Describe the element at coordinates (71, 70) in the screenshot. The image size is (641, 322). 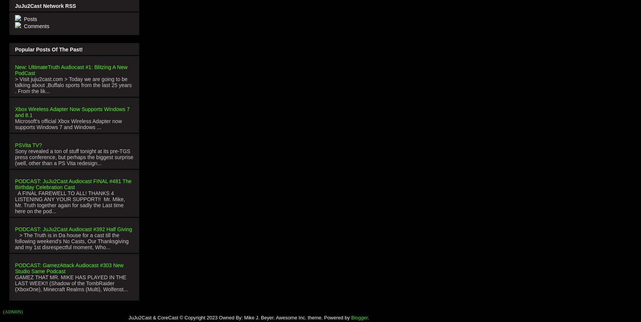
I see `'New: UltimateTruth Audiocast #1: Blitzing A New PodCast'` at that location.